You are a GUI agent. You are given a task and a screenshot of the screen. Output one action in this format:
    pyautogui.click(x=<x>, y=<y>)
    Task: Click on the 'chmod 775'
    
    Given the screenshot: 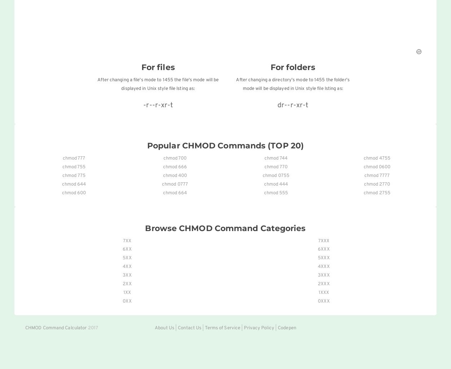 What is the action you would take?
    pyautogui.click(x=73, y=175)
    